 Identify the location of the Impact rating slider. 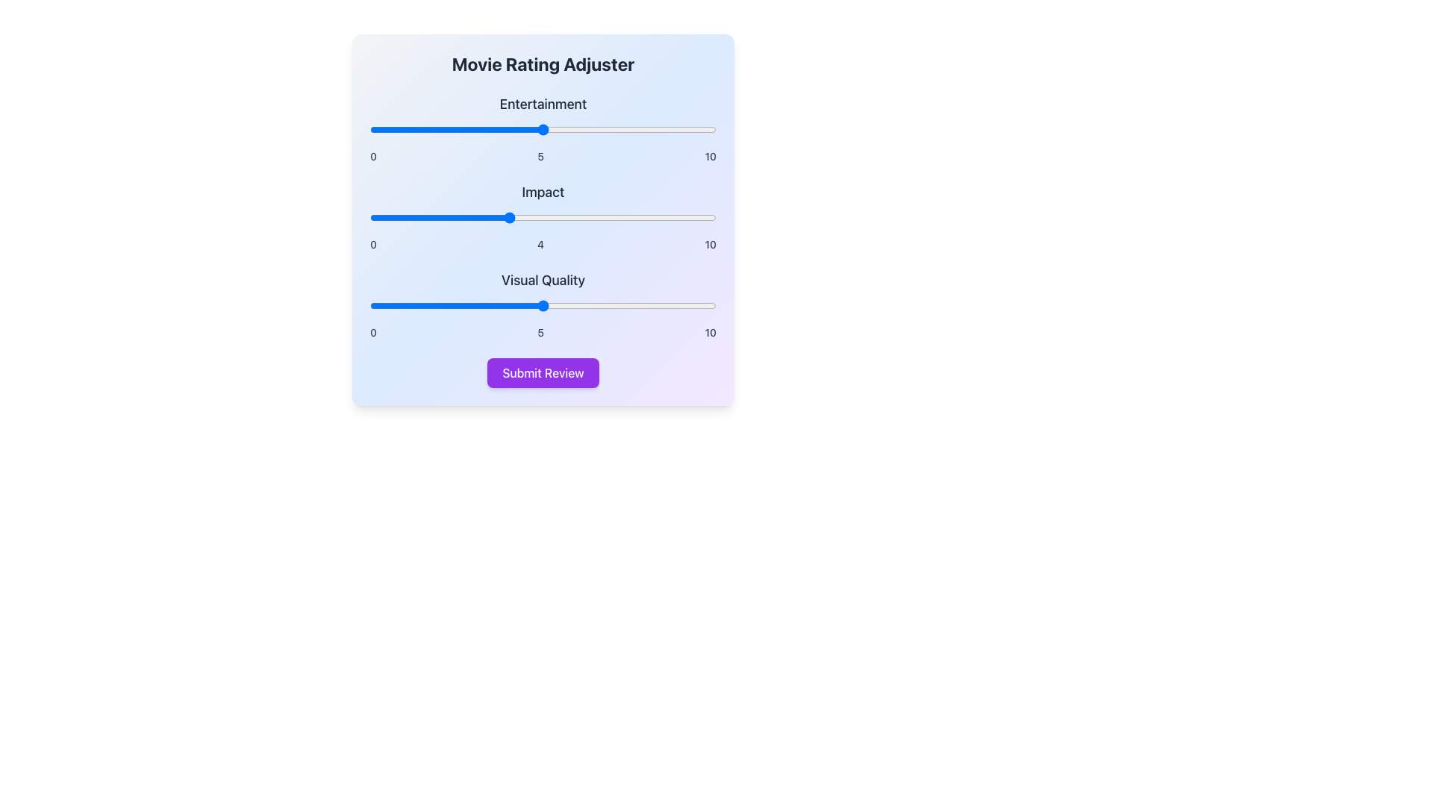
(473, 218).